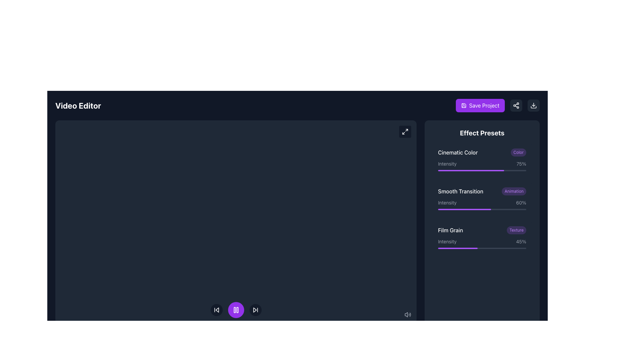 The height and width of the screenshot is (362, 644). I want to click on the text label for the 'Cinematic Color' effect preset, which is positioned near the top of the 'Effect Presets' panel and aligned with a purple circular badge labeled 'Color', so click(458, 153).